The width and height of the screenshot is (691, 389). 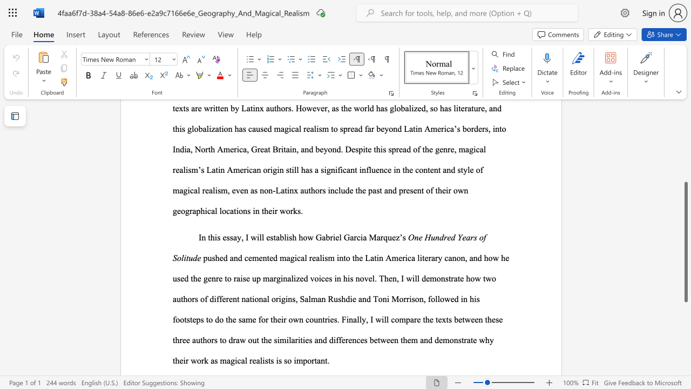 I want to click on the subset text "emonstrate" within the text "demonstrate", so click(x=439, y=339).